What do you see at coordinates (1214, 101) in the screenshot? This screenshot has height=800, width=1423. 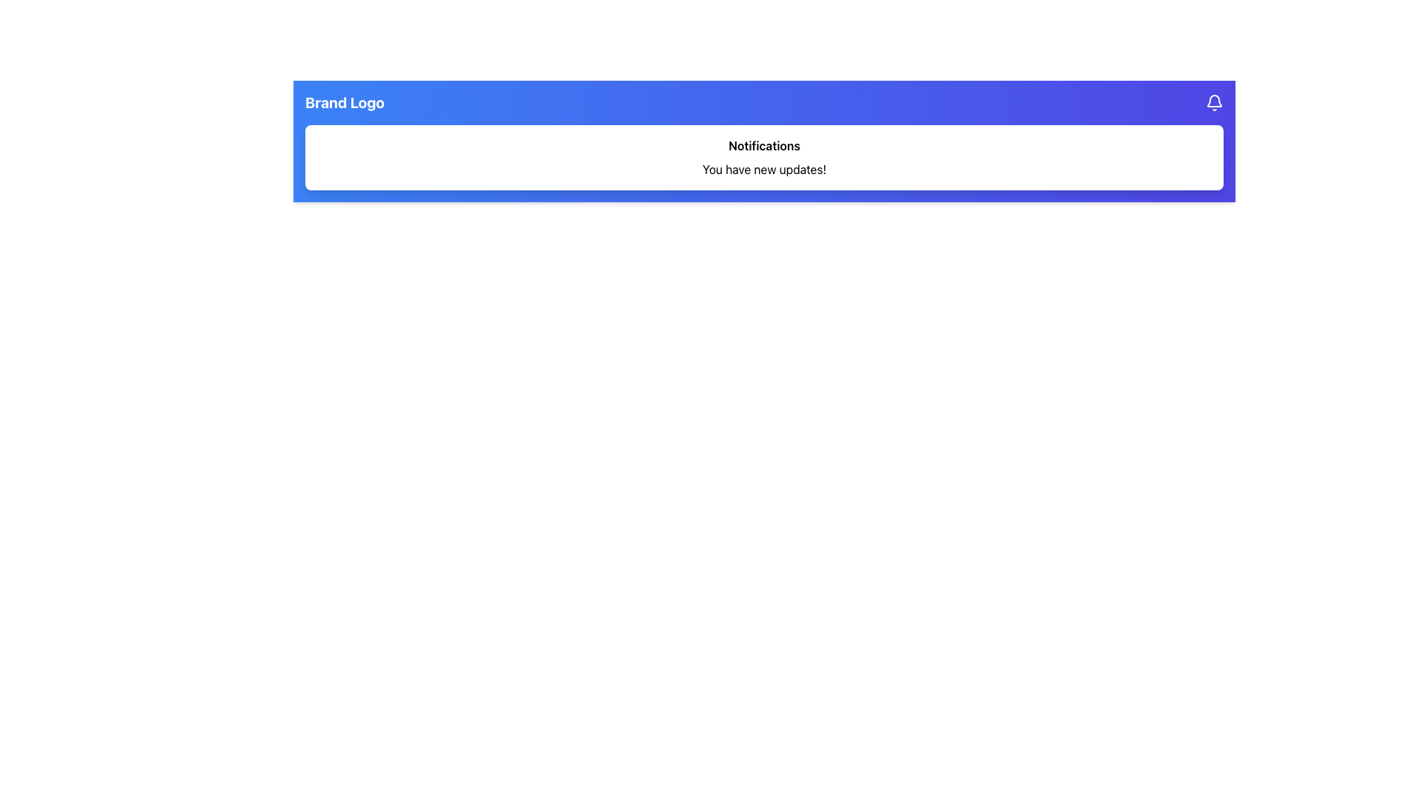 I see `the notification icon located at the top-right corner of the header` at bounding box center [1214, 101].